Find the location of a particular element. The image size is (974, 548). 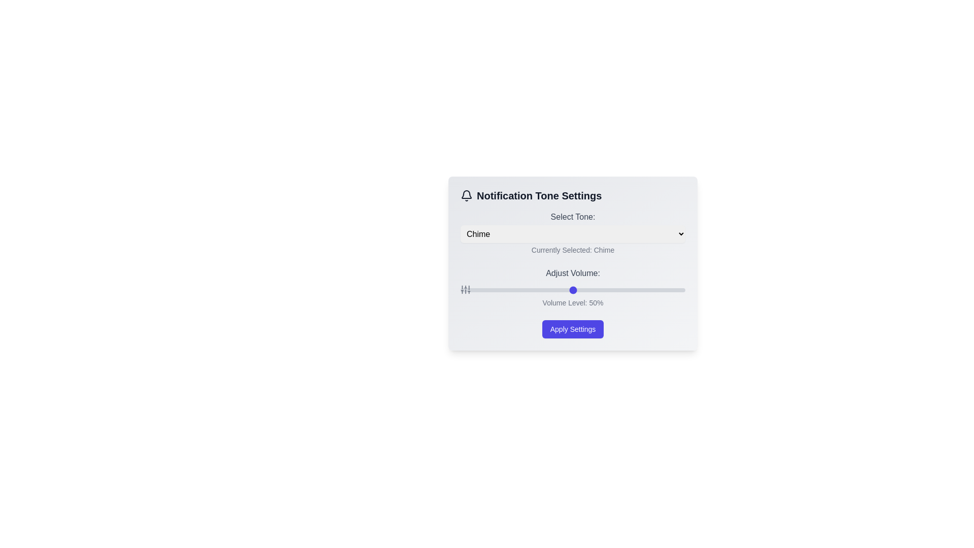

the bell icon that symbolizes notifications, located adjacent to the 'Notification Tone Settings' text is located at coordinates (466, 195).